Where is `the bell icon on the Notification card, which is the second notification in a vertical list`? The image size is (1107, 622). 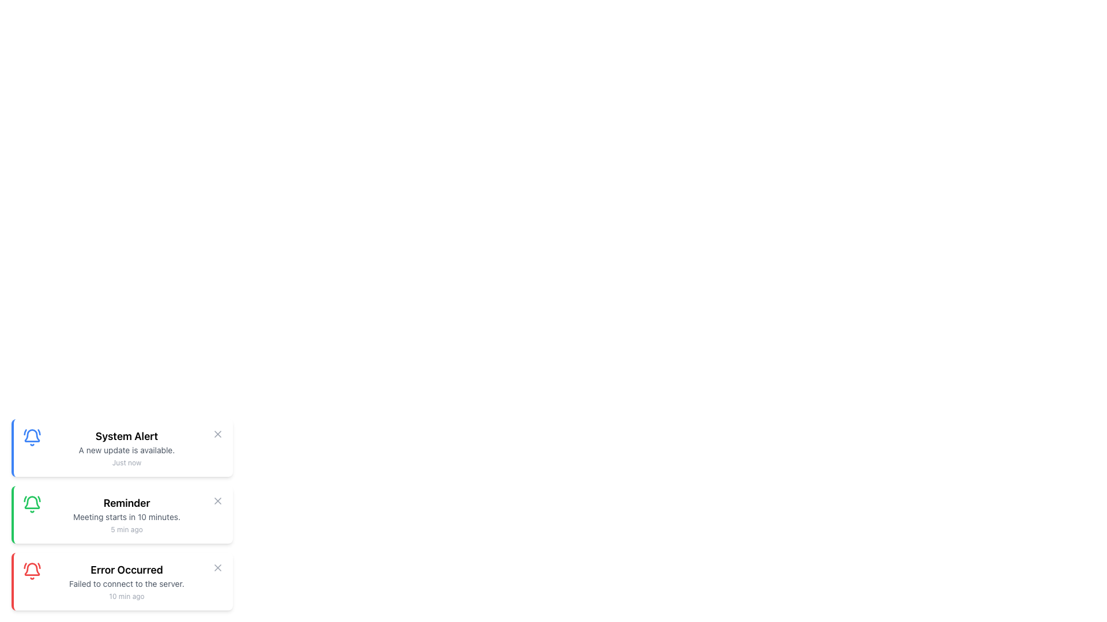
the bell icon on the Notification card, which is the second notification in a vertical list is located at coordinates (122, 514).